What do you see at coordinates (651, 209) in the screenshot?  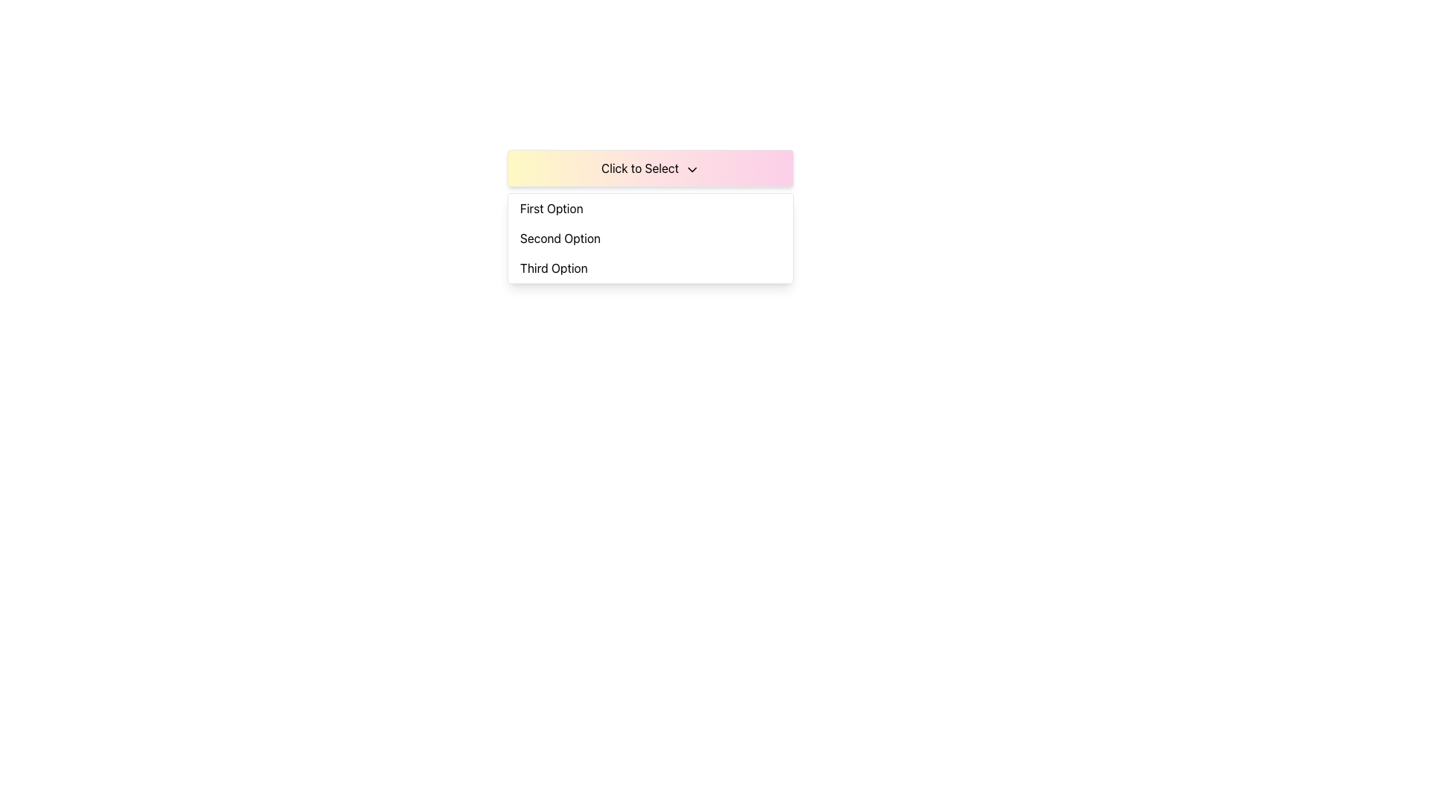 I see `the first option in the dropdown menu labeled 'First Option'` at bounding box center [651, 209].